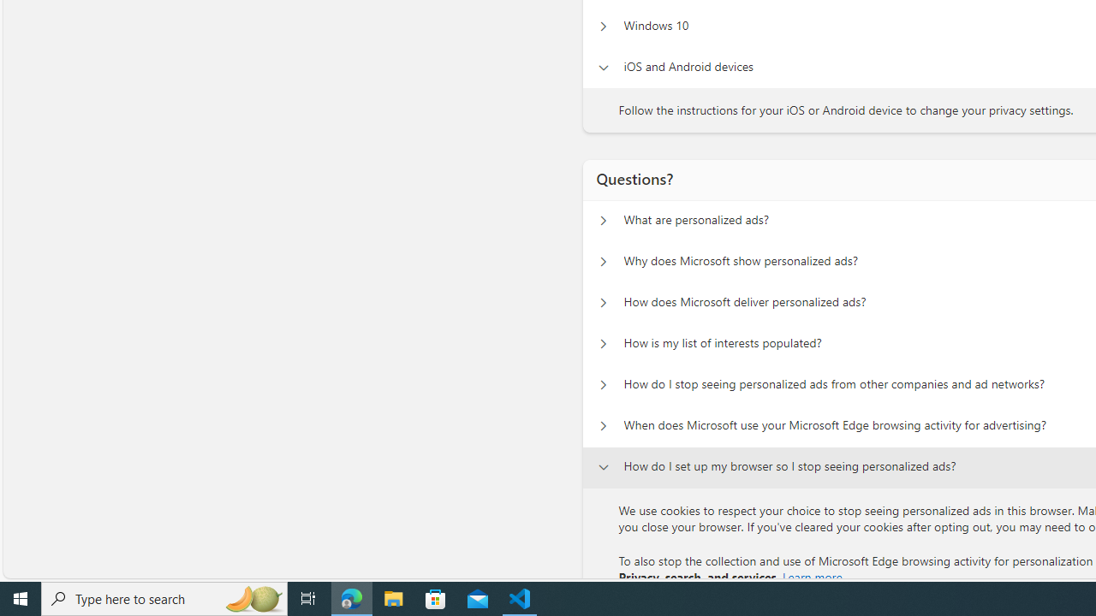 This screenshot has width=1096, height=616. I want to click on 'Questions? How is my list of interests populated?', so click(603, 344).